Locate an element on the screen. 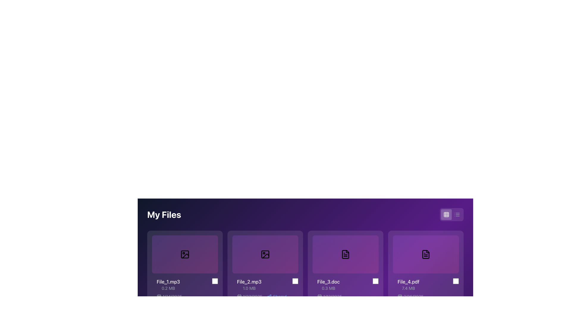 Image resolution: width=571 pixels, height=321 pixels. the grid icon on the toggle control located at the top-right corner of the 'My Files' section to switch to grid view is located at coordinates (451, 214).